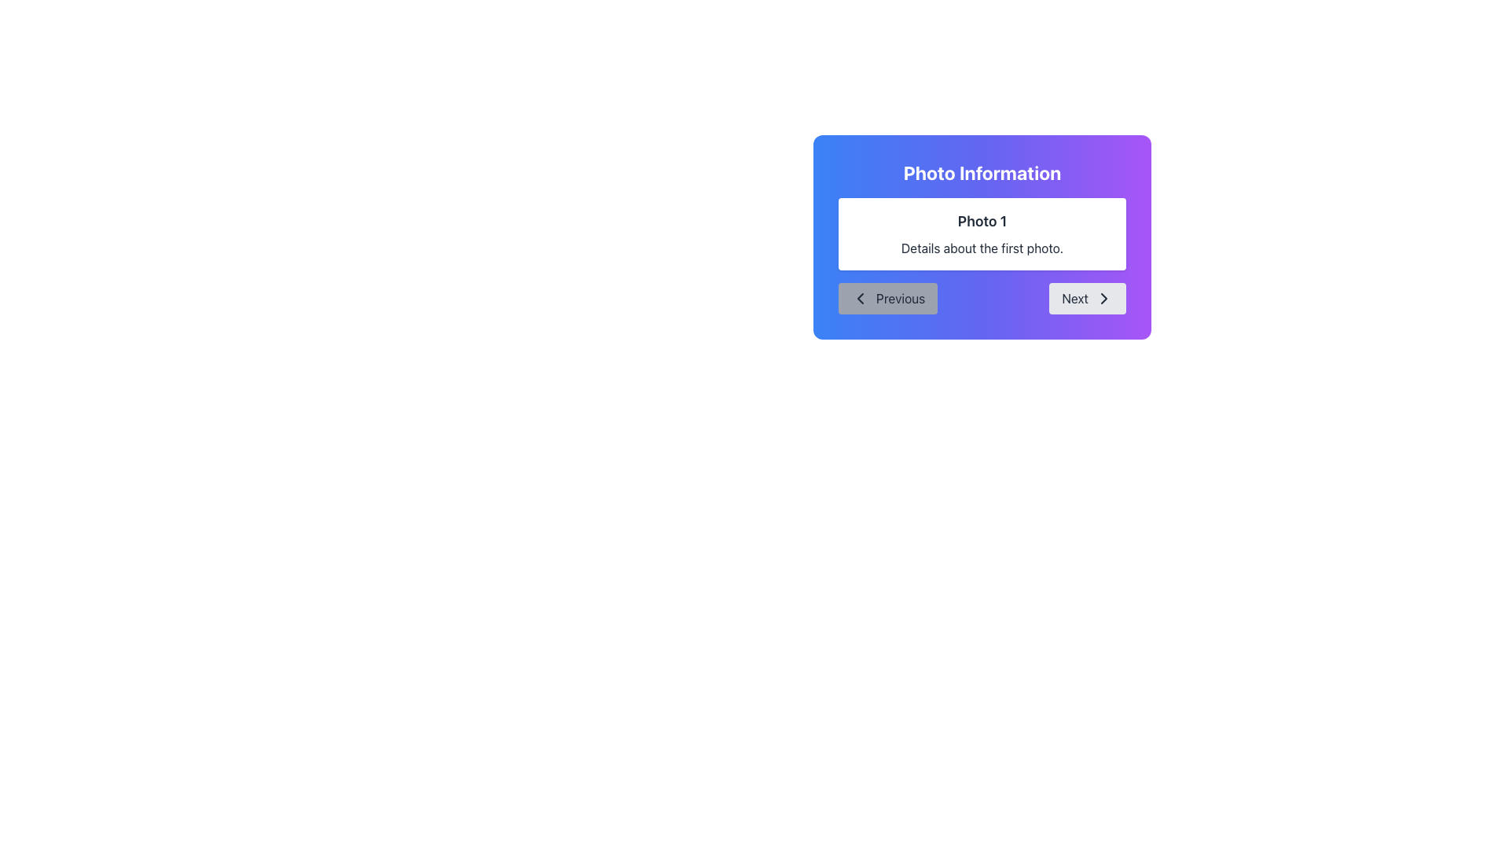 Image resolution: width=1509 pixels, height=849 pixels. What do you see at coordinates (981, 221) in the screenshot?
I see `text label stating 'Photo 1' which is large, bold, and centrally aligned above the explanatory text in the card component` at bounding box center [981, 221].